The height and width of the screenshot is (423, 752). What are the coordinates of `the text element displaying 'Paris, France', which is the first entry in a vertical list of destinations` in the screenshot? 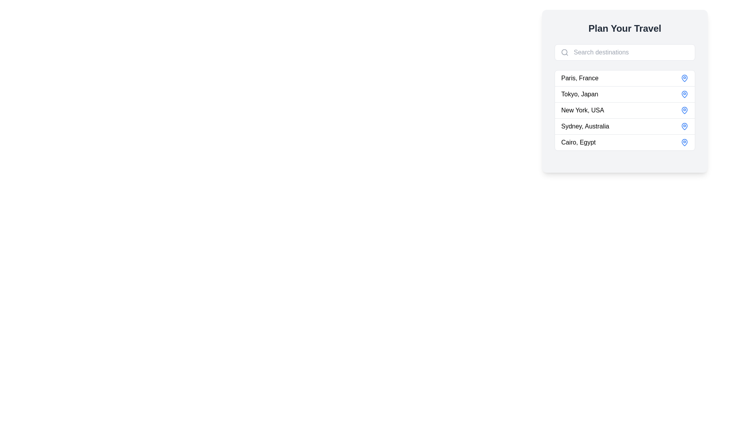 It's located at (580, 78).